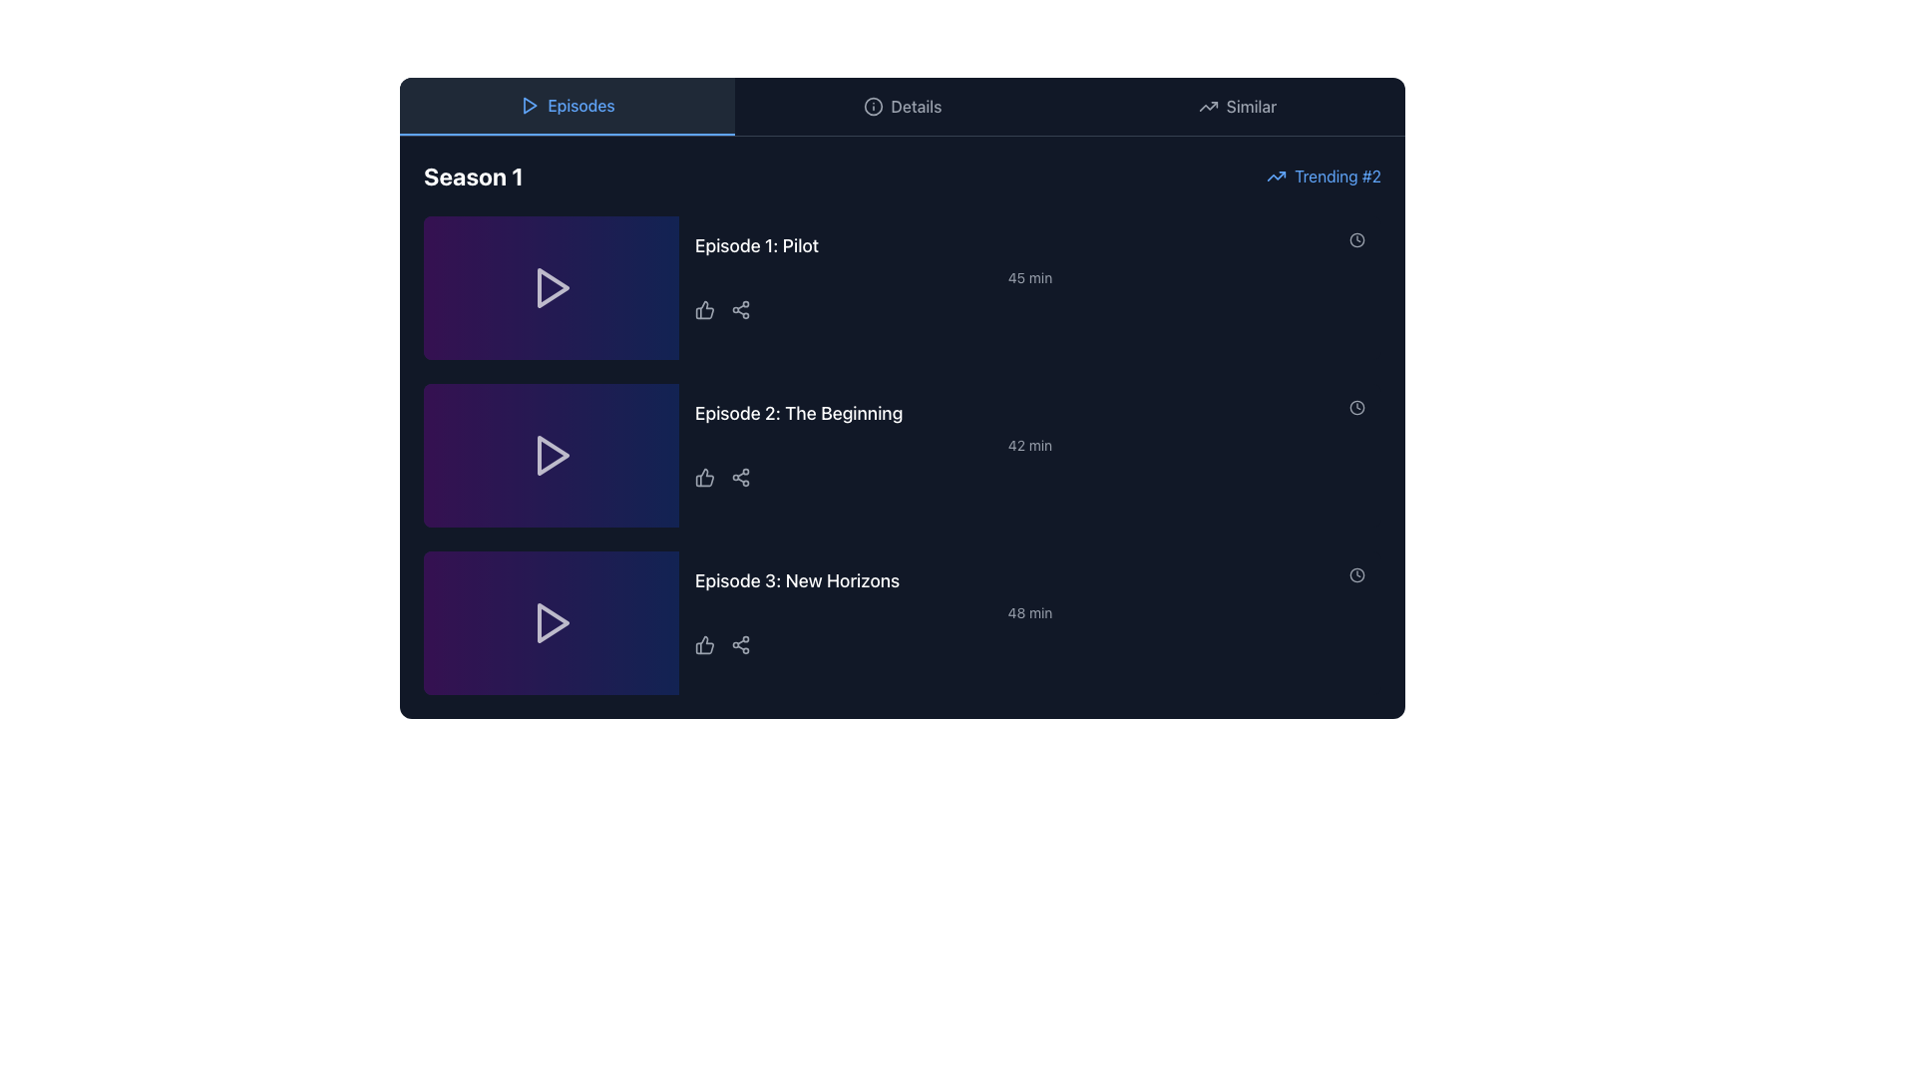  What do you see at coordinates (1029, 455) in the screenshot?
I see `the second list item which contains the episode title 'Episode 2: The Beginning' and its duration '42 min'` at bounding box center [1029, 455].